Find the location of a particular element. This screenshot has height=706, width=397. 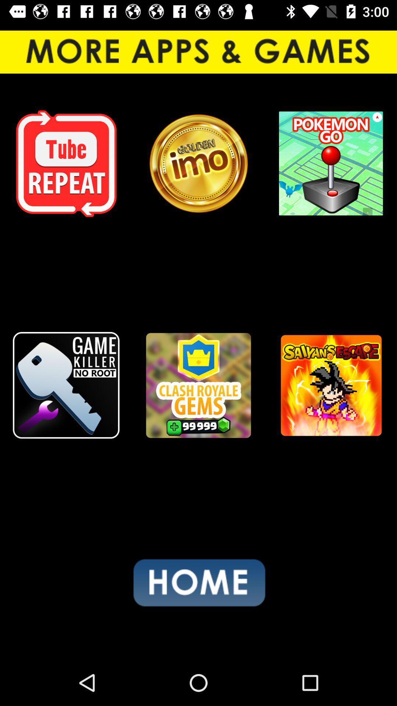

icon at the top left corner is located at coordinates (66, 163).